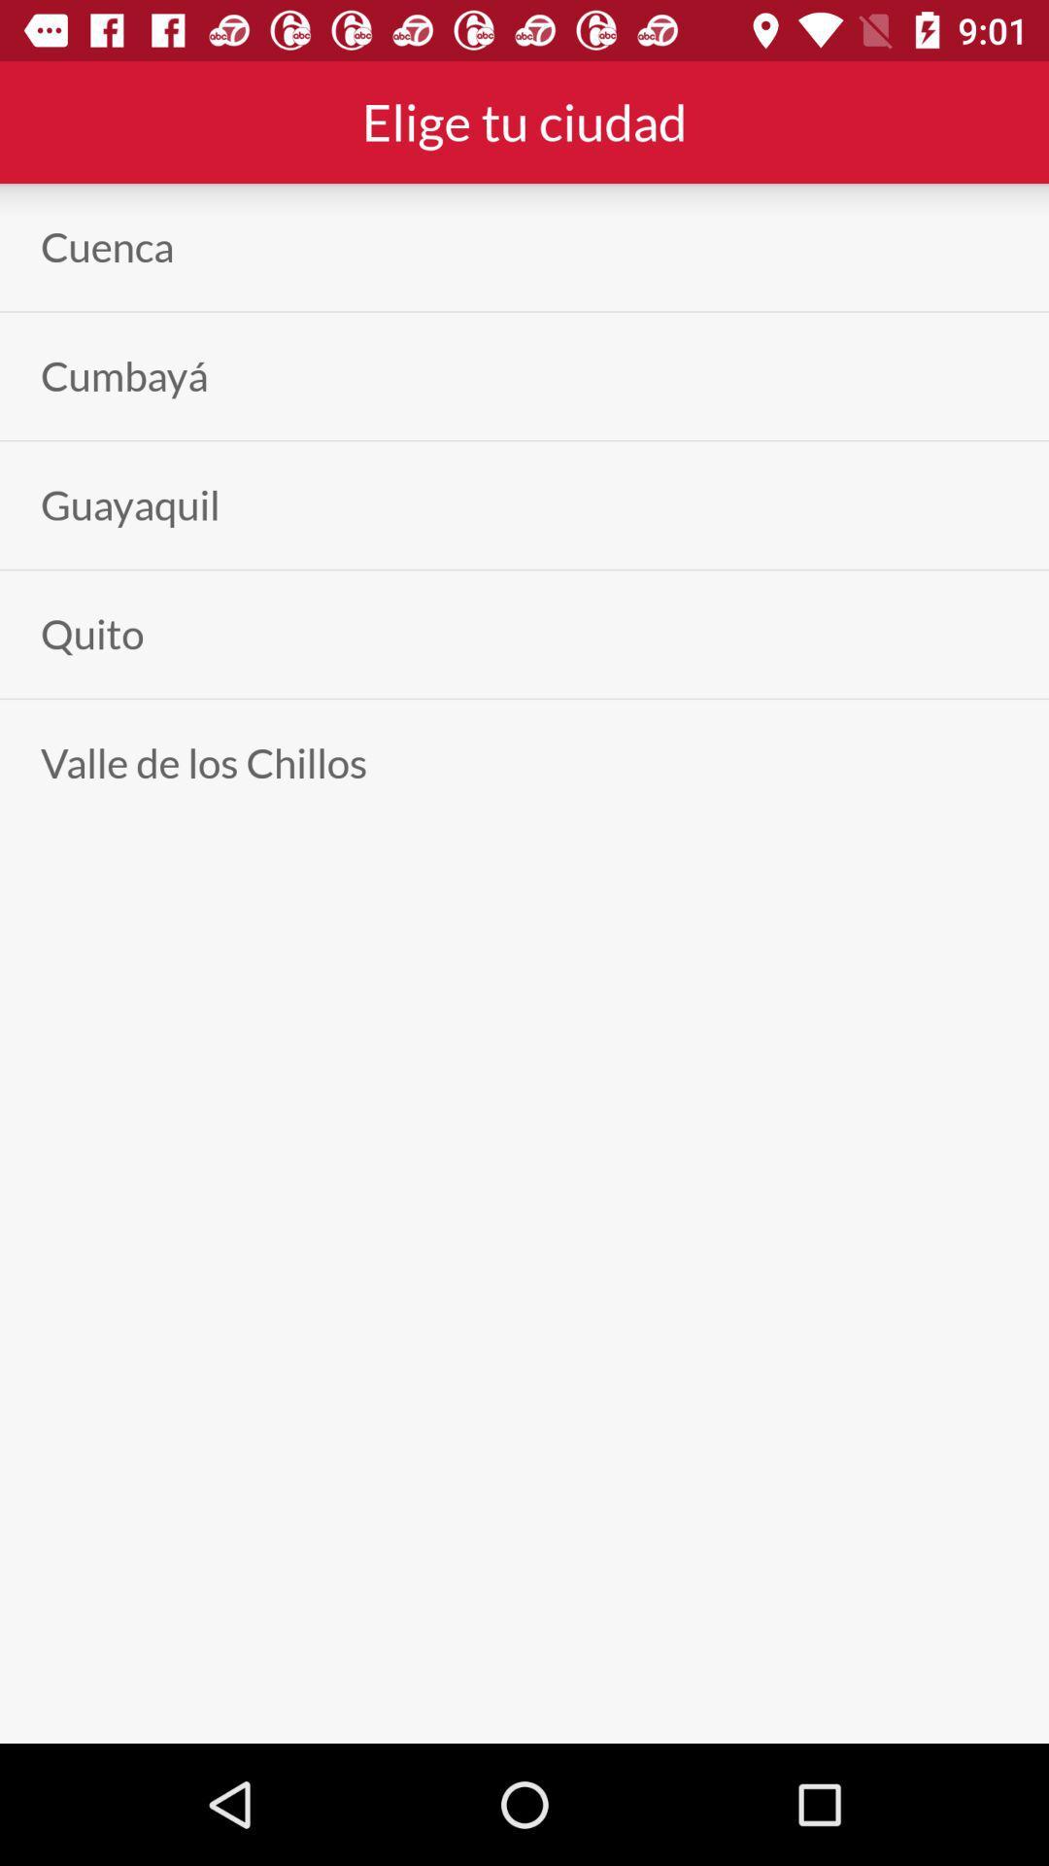 This screenshot has height=1866, width=1049. What do you see at coordinates (124, 376) in the screenshot?
I see `the app below cuenca icon` at bounding box center [124, 376].